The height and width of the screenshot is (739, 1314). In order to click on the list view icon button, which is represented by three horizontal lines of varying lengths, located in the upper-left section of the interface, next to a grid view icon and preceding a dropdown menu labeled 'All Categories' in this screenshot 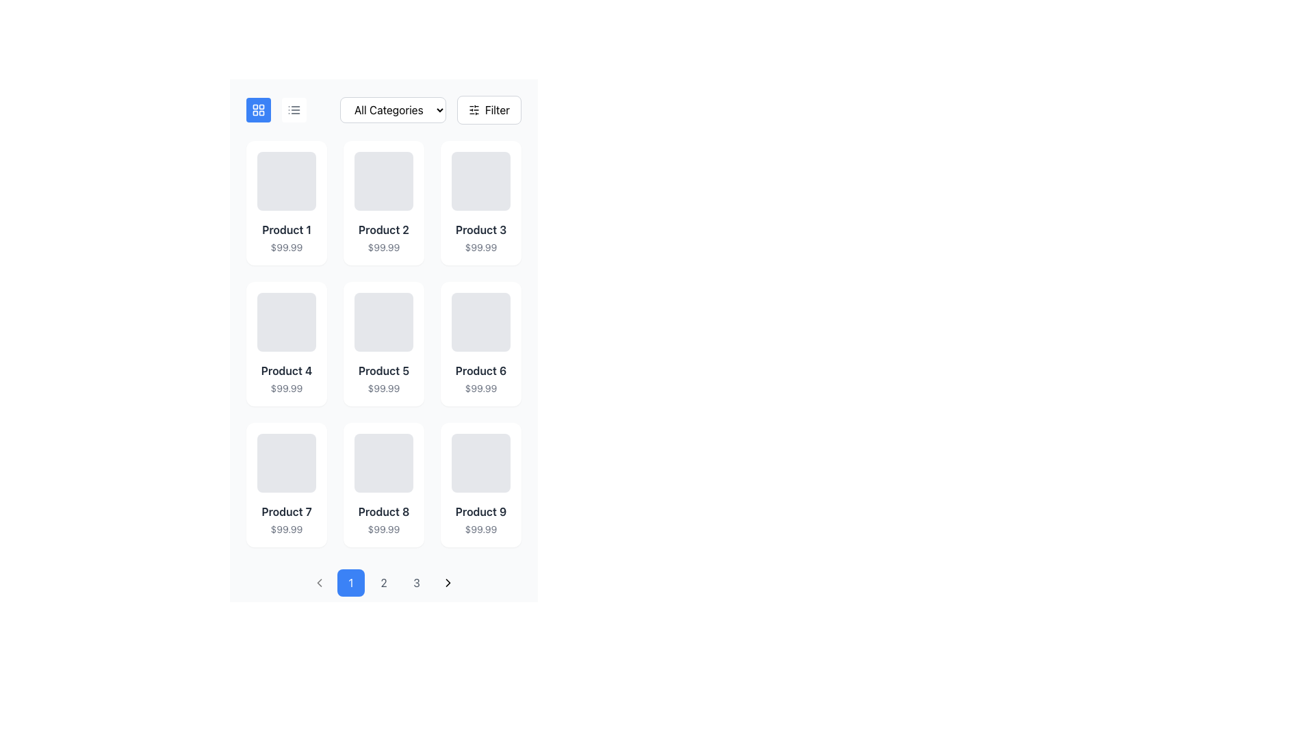, I will do `click(294, 109)`.